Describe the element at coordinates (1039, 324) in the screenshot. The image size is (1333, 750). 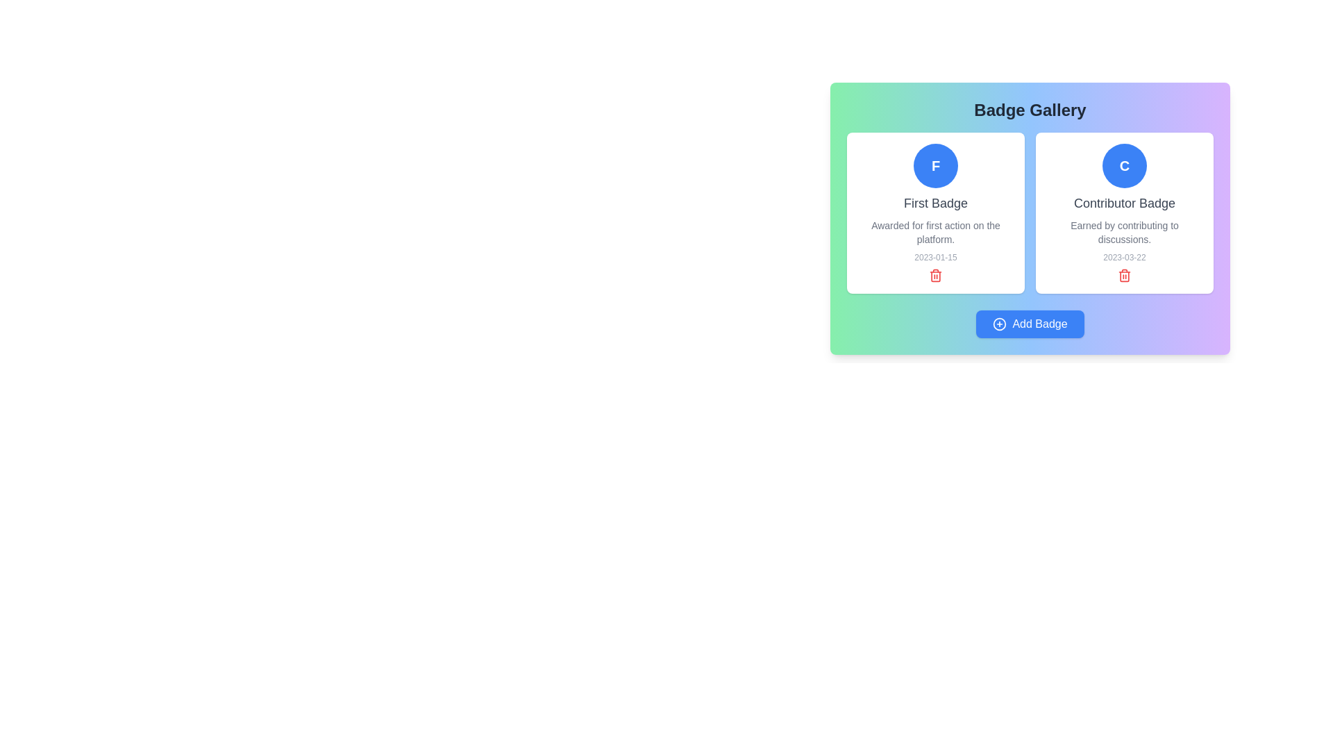
I see `the 'Add Badge' text element, which is styled with a blue background and white font color, located at the bottom center of the 'Badge Gallery' button` at that location.